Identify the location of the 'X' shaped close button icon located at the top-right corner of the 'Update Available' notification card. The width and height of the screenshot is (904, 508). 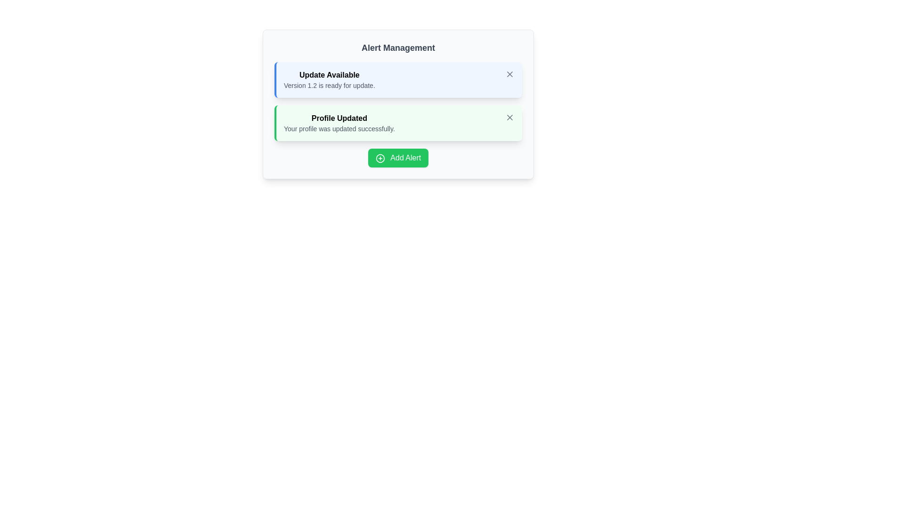
(509, 74).